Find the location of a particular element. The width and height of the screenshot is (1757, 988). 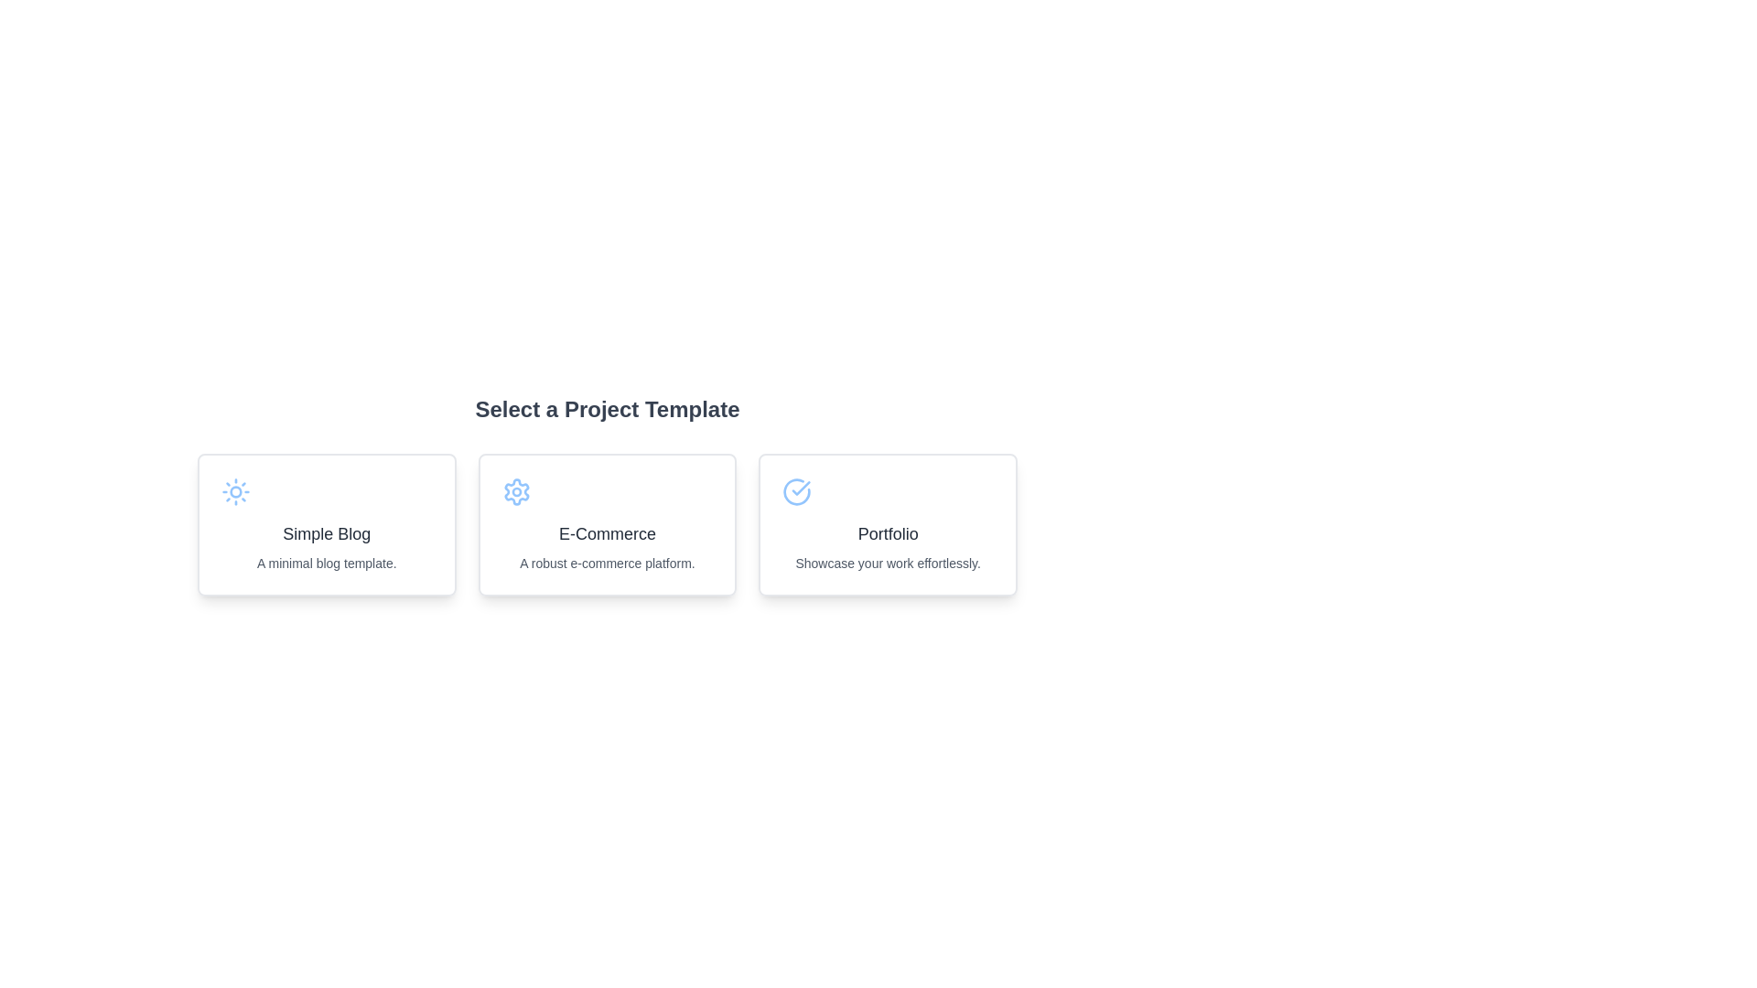

the decorative icon representing brightness or positivity located at the top-center of the 'Simple Blog' card, above the text 'Simple Blog' and 'A minimal blog template.' is located at coordinates (235, 490).